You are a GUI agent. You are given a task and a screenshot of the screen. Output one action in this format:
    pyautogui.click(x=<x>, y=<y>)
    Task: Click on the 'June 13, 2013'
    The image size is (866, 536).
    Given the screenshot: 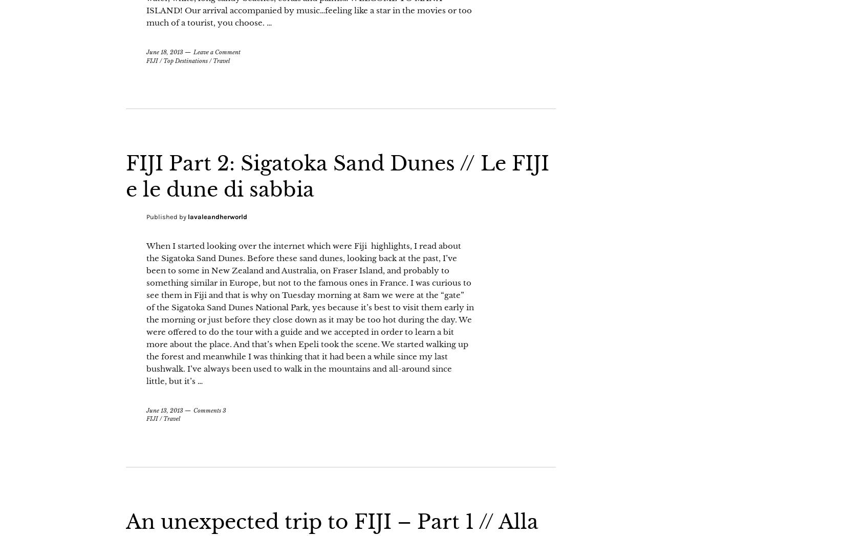 What is the action you would take?
    pyautogui.click(x=164, y=436)
    